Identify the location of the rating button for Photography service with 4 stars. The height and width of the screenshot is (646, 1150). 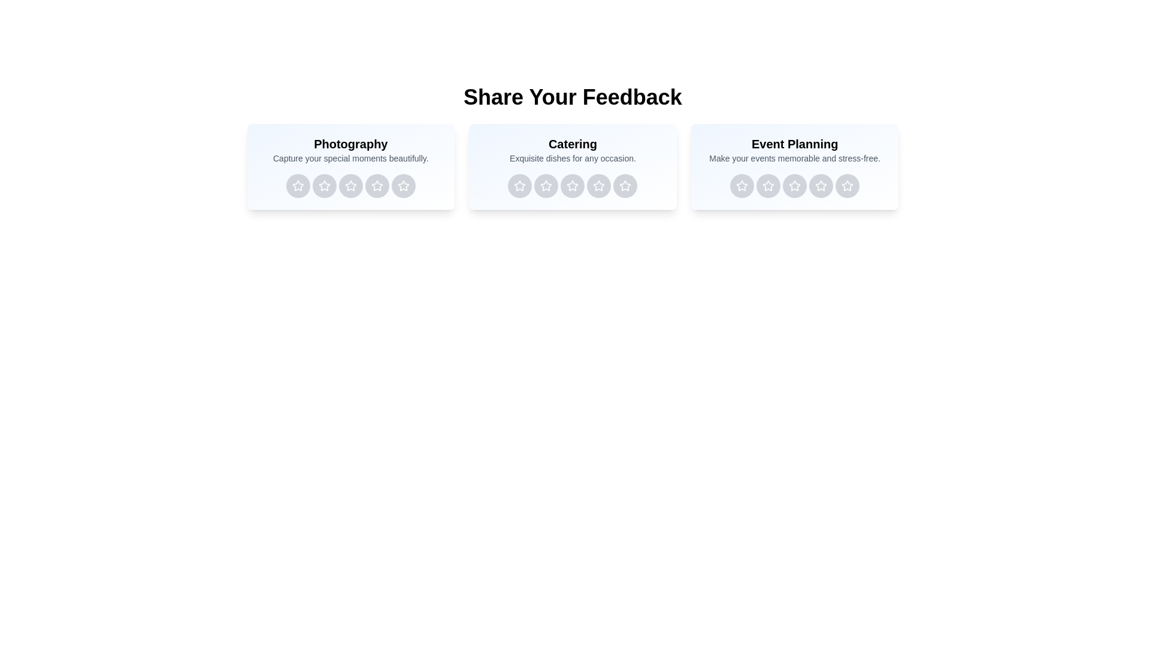
(376, 186).